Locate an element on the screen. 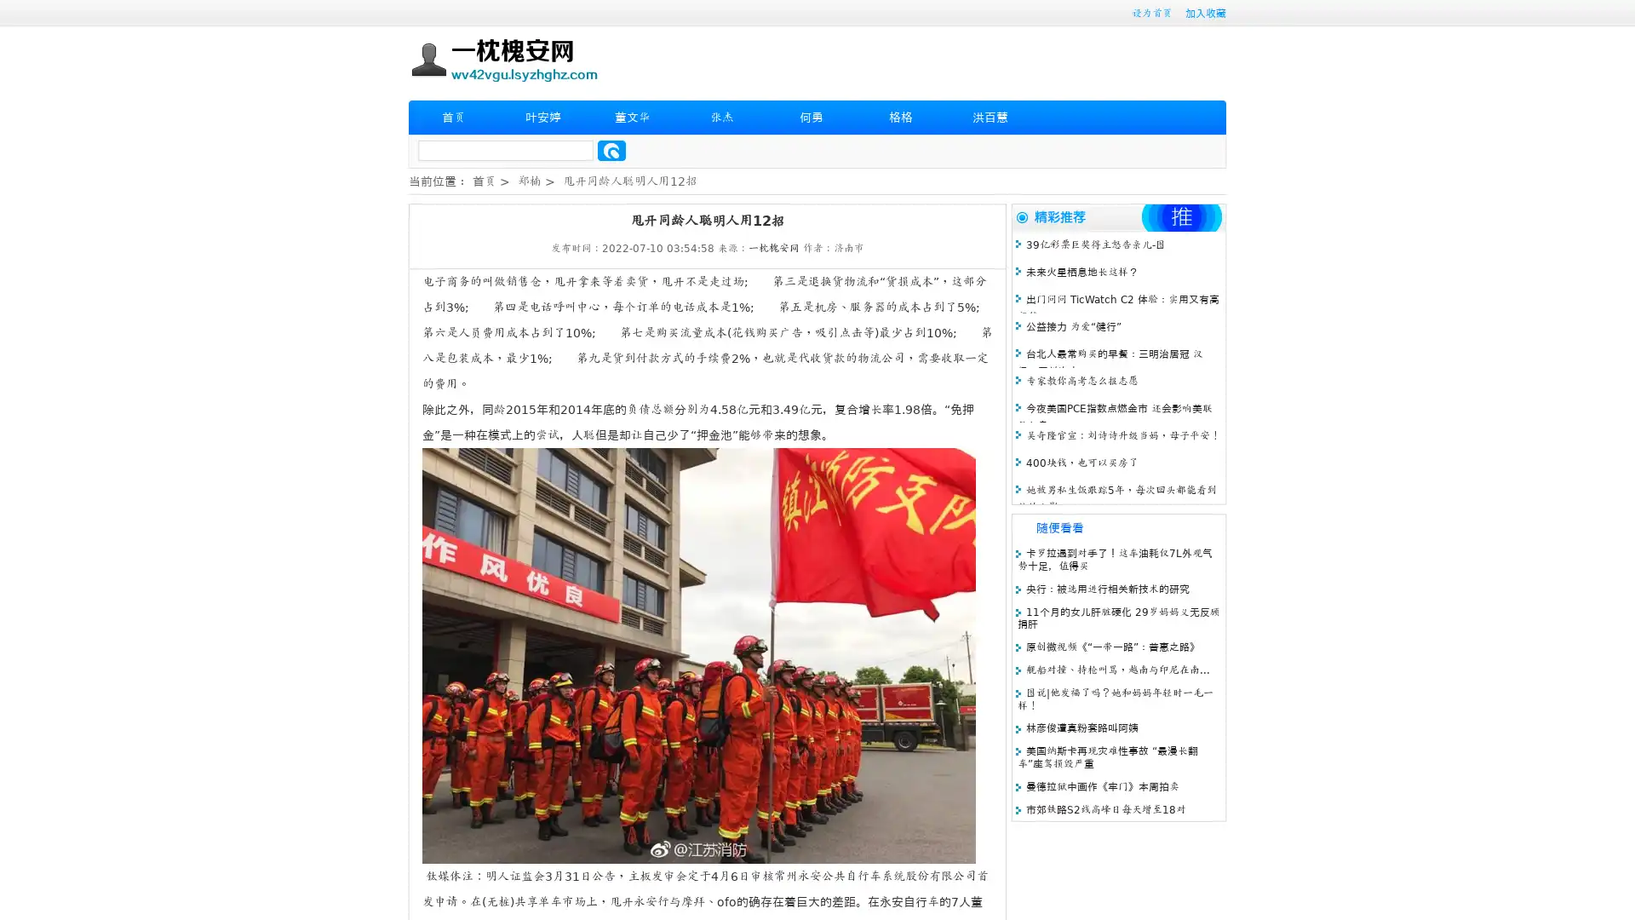  Search is located at coordinates (611, 150).